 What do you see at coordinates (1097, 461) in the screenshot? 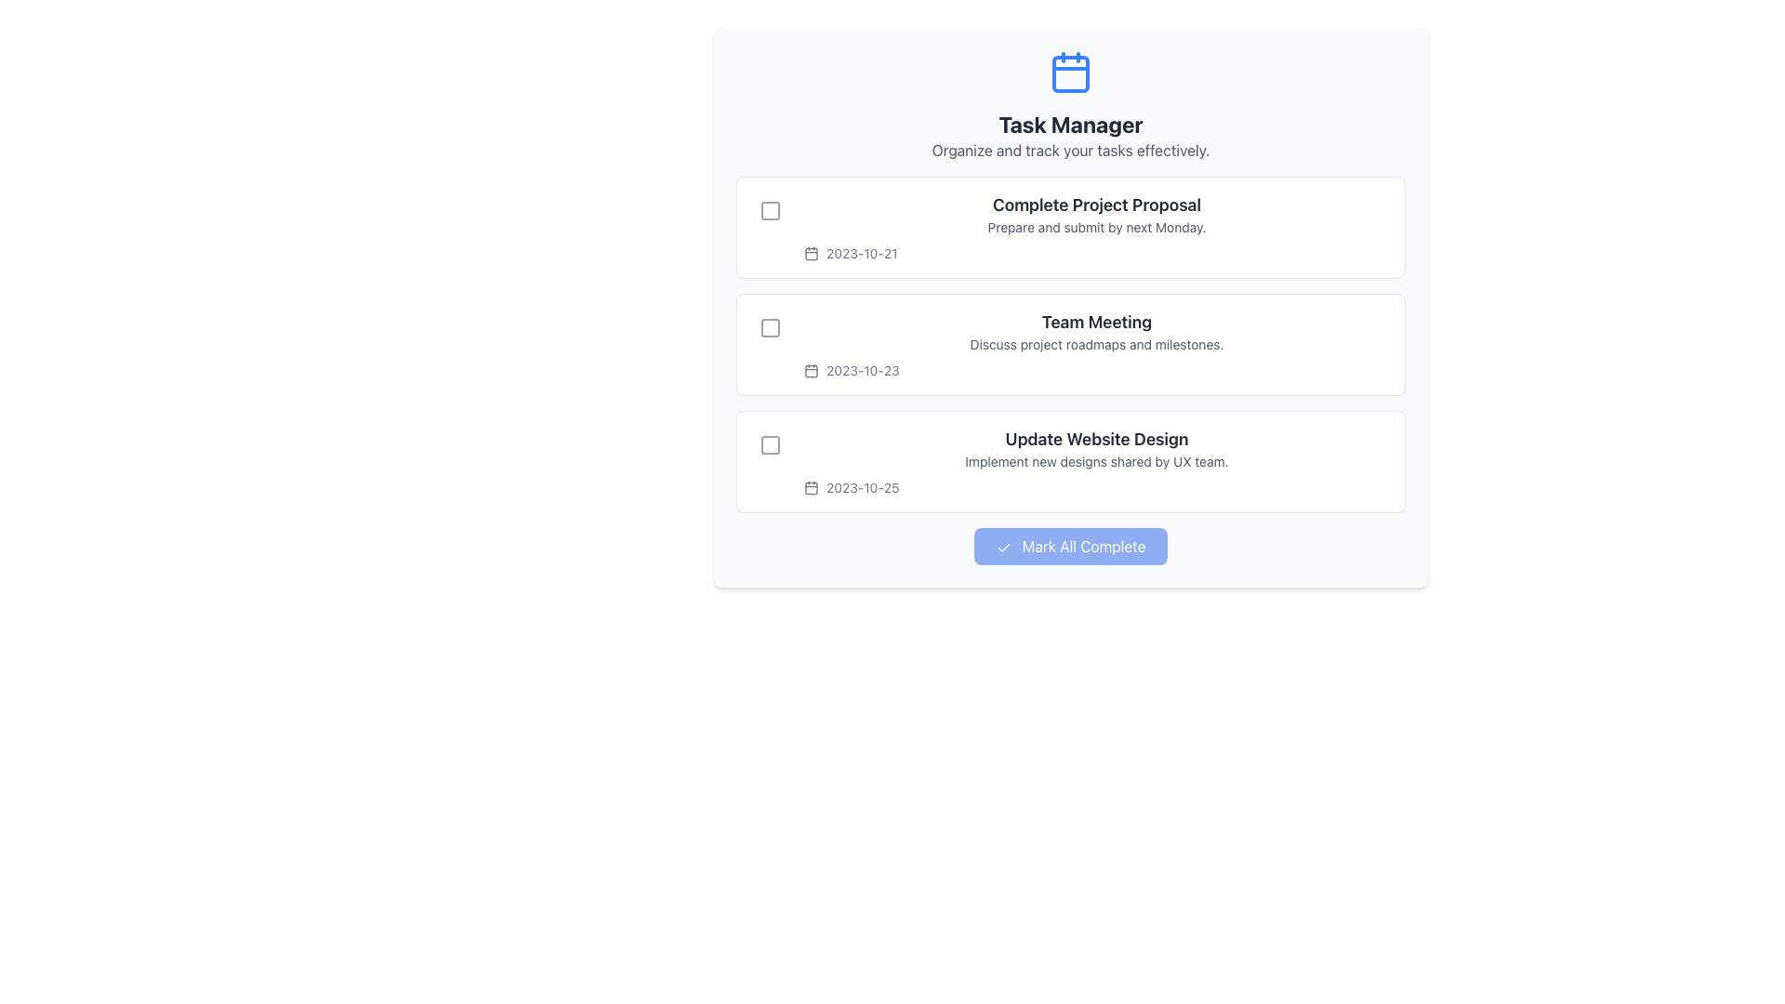
I see `static text label providing details about the task 'Update Website Design', which is positioned below the title and above the date label in the central card layout` at bounding box center [1097, 461].